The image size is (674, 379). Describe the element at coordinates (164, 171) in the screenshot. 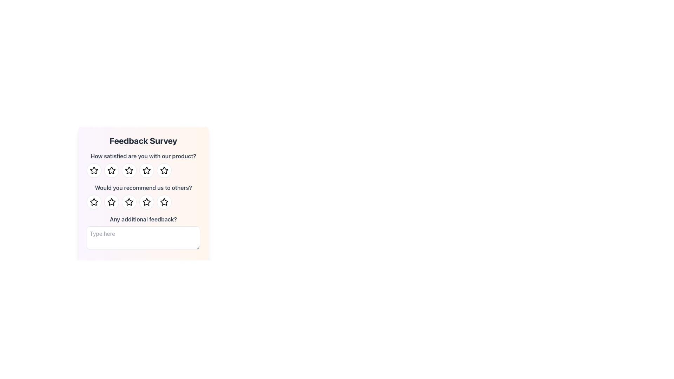

I see `the fifth rounded white button with a black star icon for keyboard interaction in the Feedback Survey form below the satisfaction question` at that location.